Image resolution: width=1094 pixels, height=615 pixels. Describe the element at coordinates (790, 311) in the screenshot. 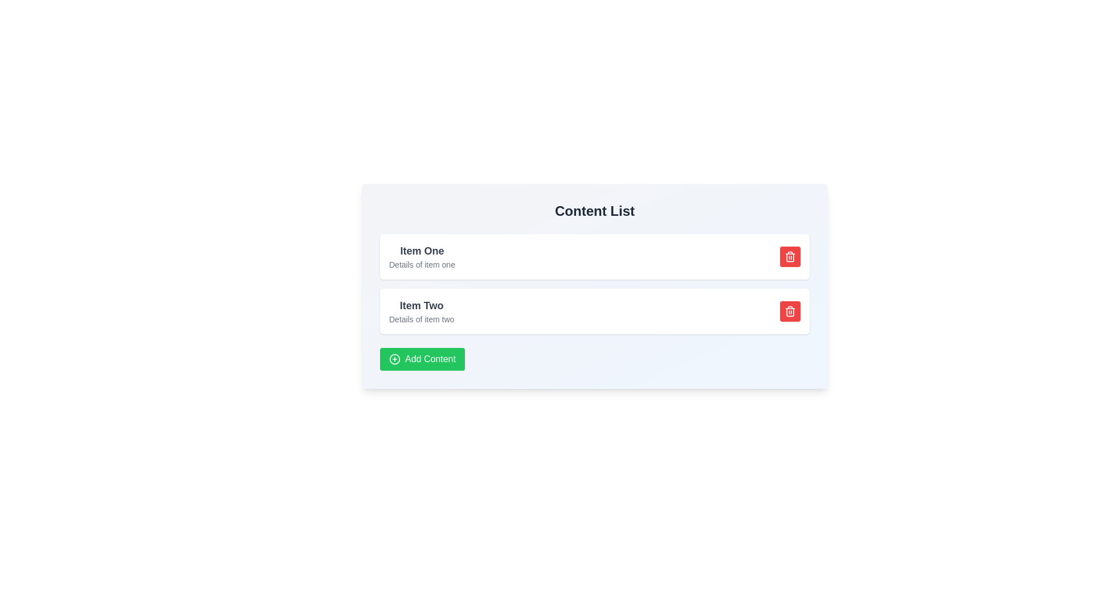

I see `the small red trash can icon inside the red button` at that location.